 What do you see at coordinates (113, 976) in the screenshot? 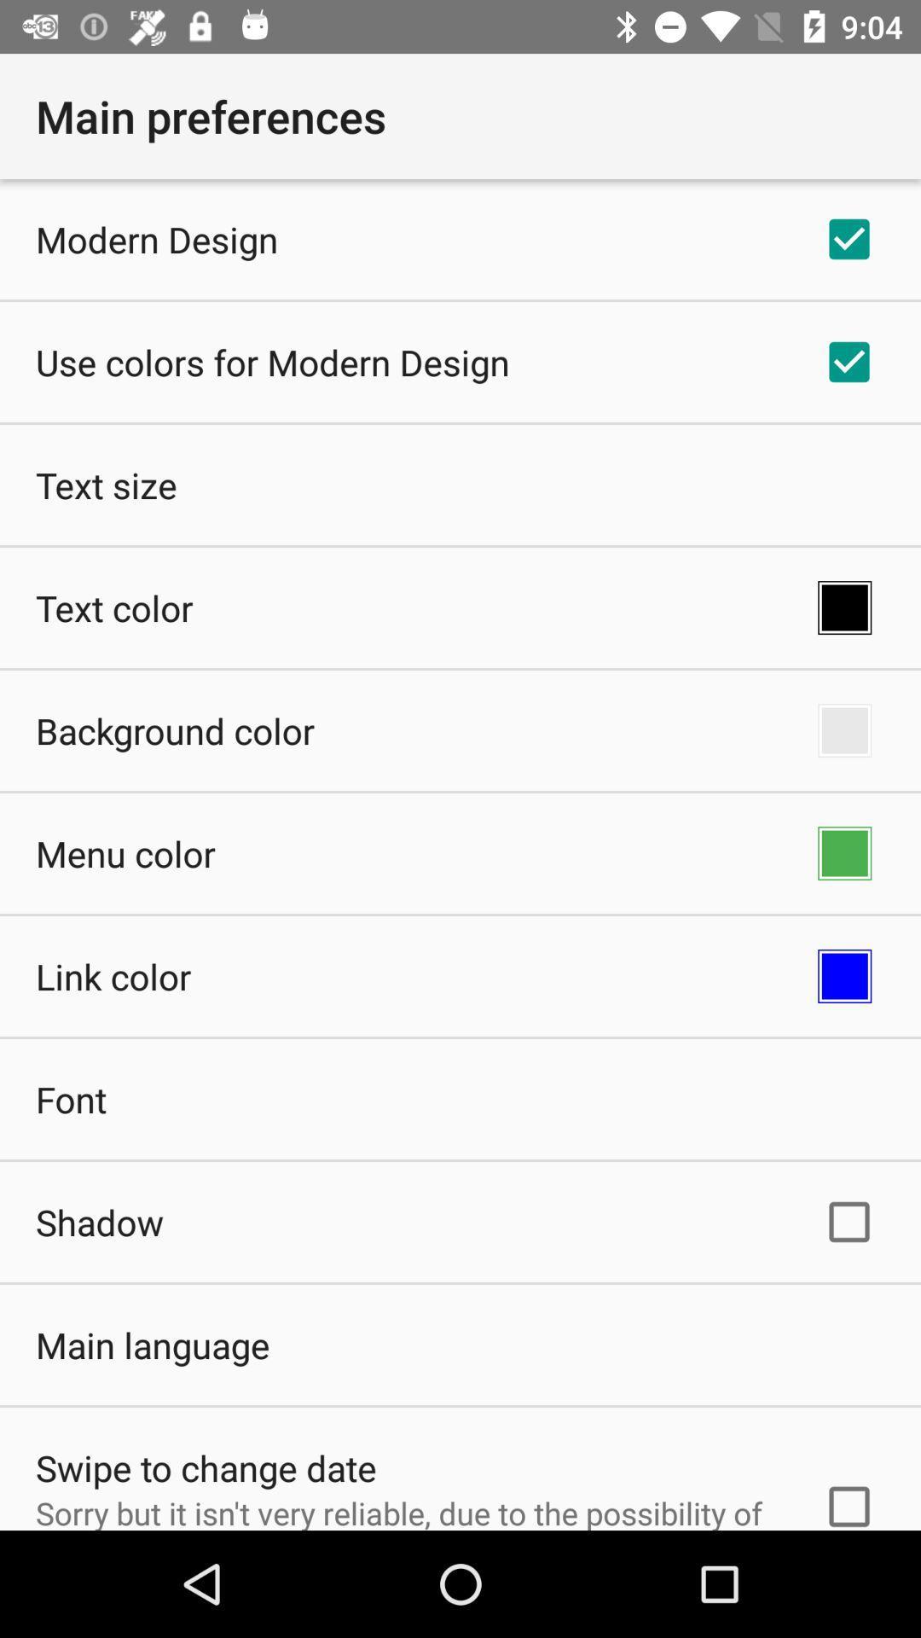
I see `item above the font icon` at bounding box center [113, 976].